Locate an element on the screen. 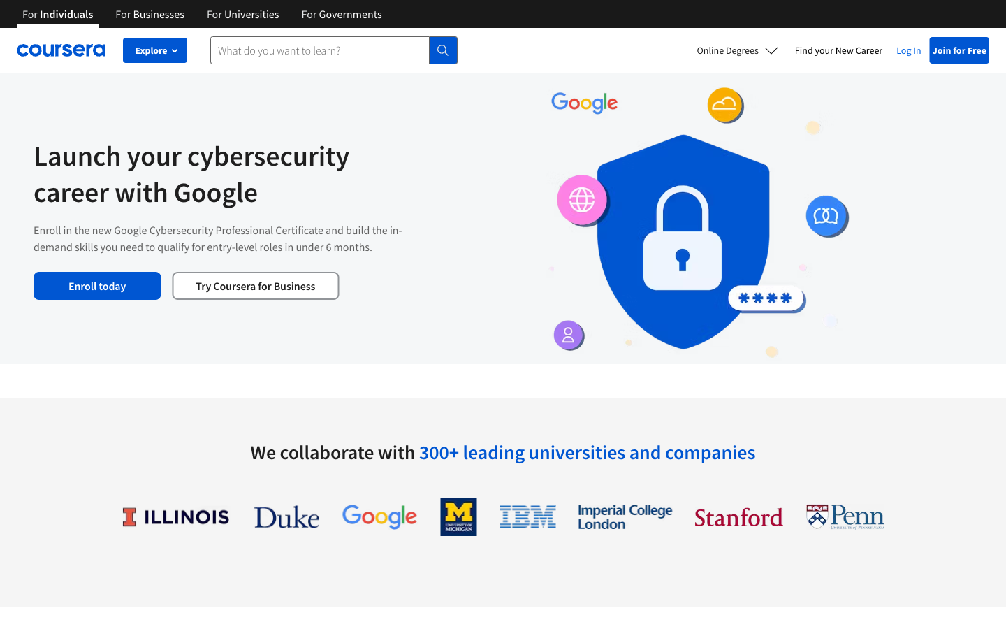 Image resolution: width=1006 pixels, height=629 pixels. Coursera"s Government Page is located at coordinates (341, 13).